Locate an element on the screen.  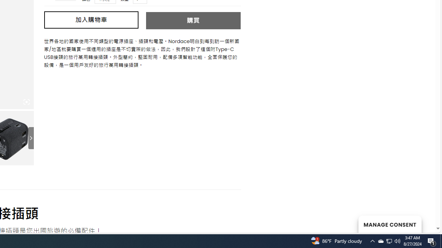
'Class: iconic-woothumbs-fullscreen' is located at coordinates (26, 102).